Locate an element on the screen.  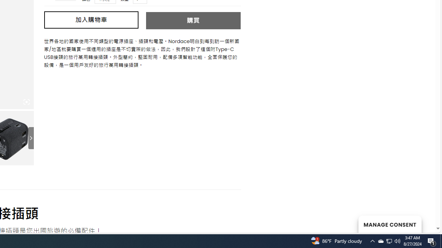
'Class: iconic-woothumbs-fullscreen' is located at coordinates (26, 102).